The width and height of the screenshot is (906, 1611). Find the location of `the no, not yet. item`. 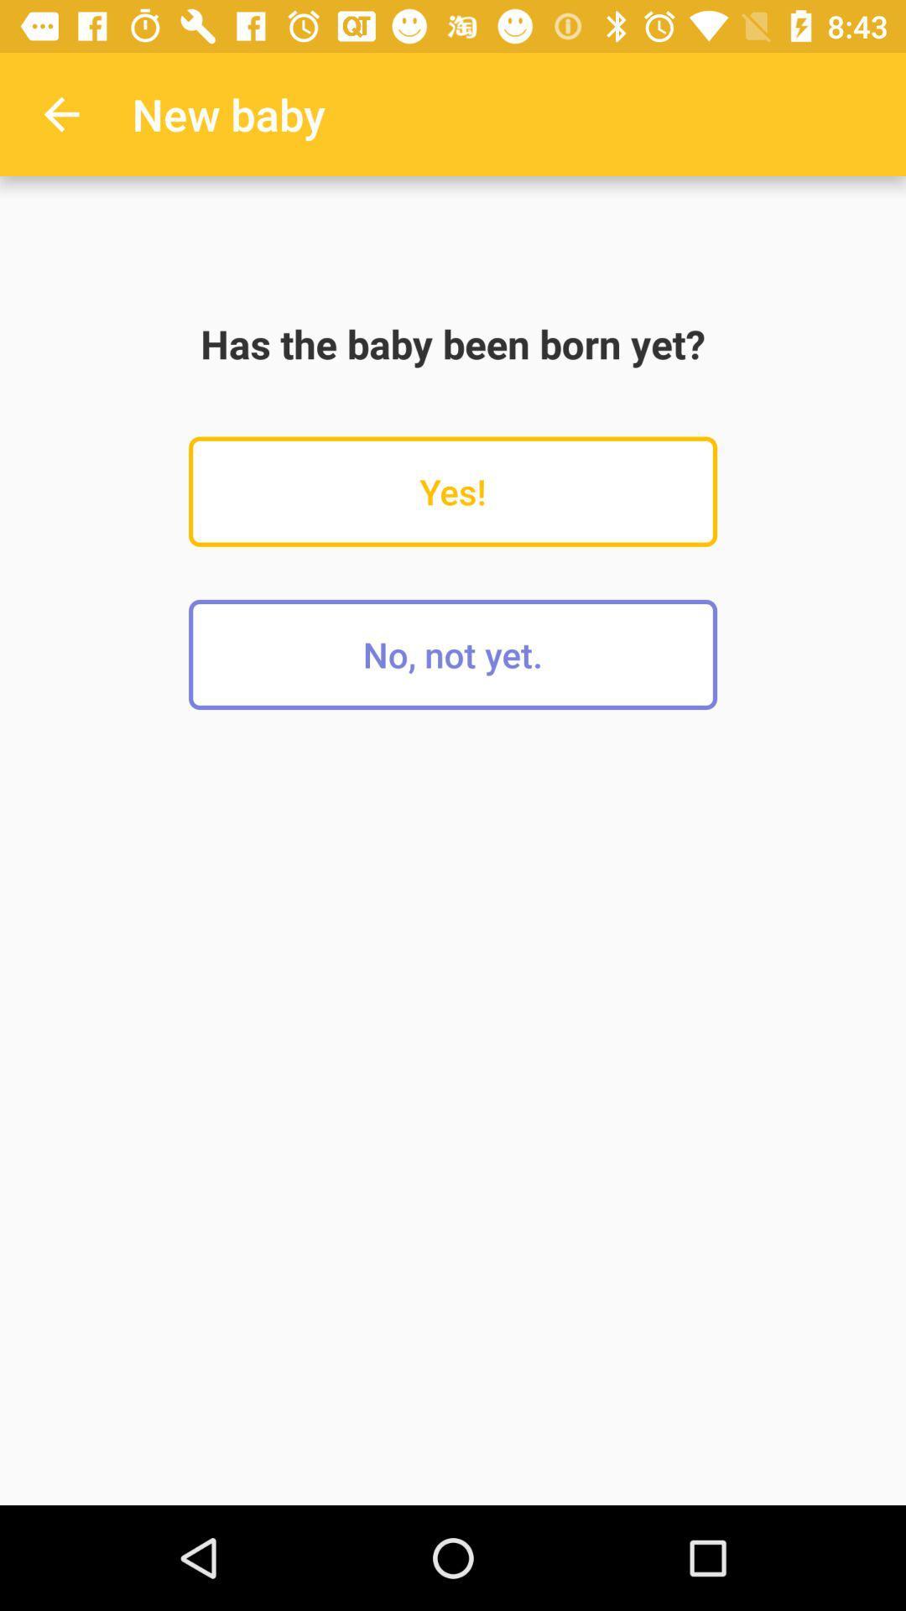

the no, not yet. item is located at coordinates (453, 654).